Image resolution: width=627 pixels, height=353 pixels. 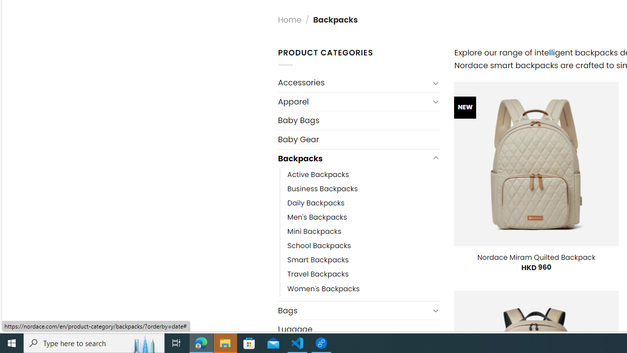 I want to click on 'Daily Backpacks', so click(x=316, y=203).